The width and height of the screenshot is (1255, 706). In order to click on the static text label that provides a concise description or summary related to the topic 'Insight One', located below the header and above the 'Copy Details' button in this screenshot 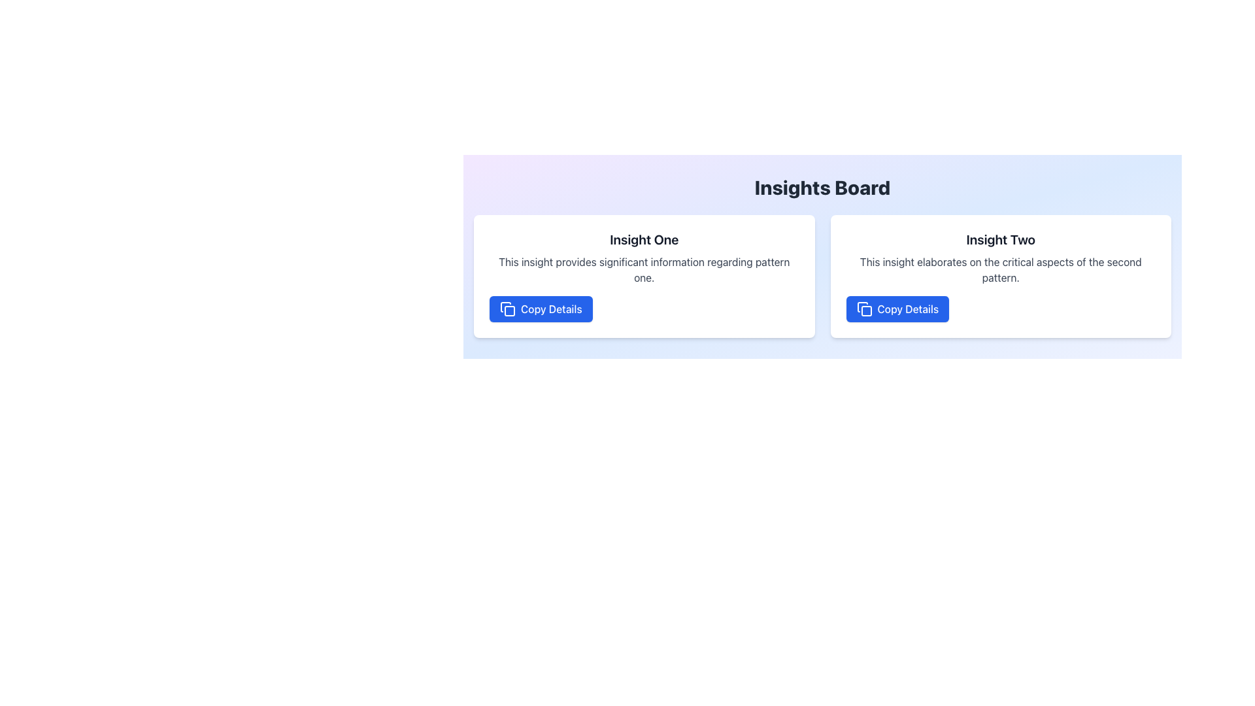, I will do `click(644, 269)`.